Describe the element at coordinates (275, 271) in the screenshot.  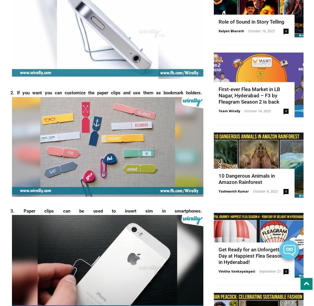
I see `'September 27, 2023'` at that location.